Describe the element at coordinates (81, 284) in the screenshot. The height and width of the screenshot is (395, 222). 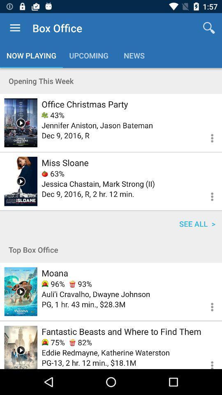
I see `93%` at that location.